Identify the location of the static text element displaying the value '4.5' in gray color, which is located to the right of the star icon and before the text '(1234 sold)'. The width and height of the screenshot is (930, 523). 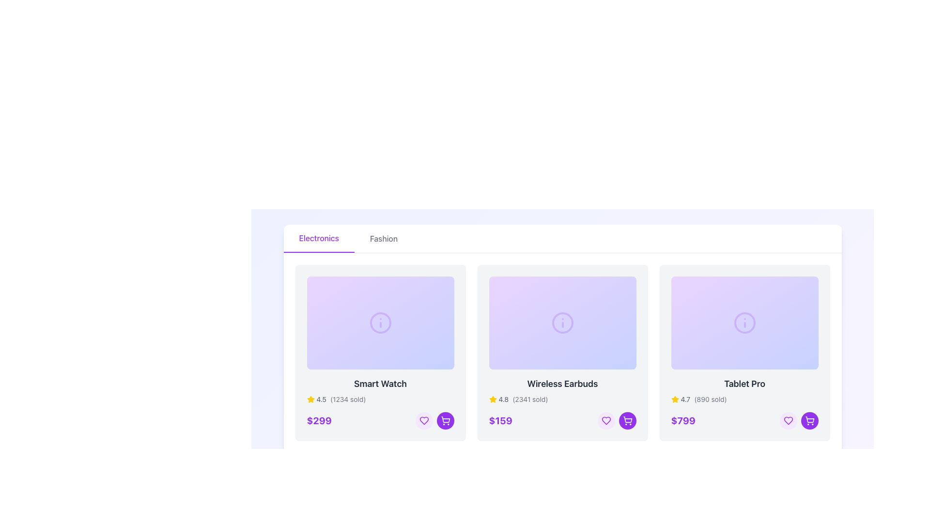
(321, 400).